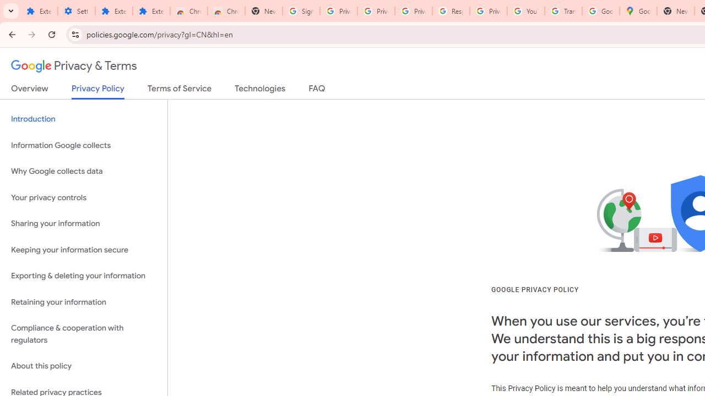 The height and width of the screenshot is (396, 705). Describe the element at coordinates (113, 11) in the screenshot. I see `'Extensions'` at that location.